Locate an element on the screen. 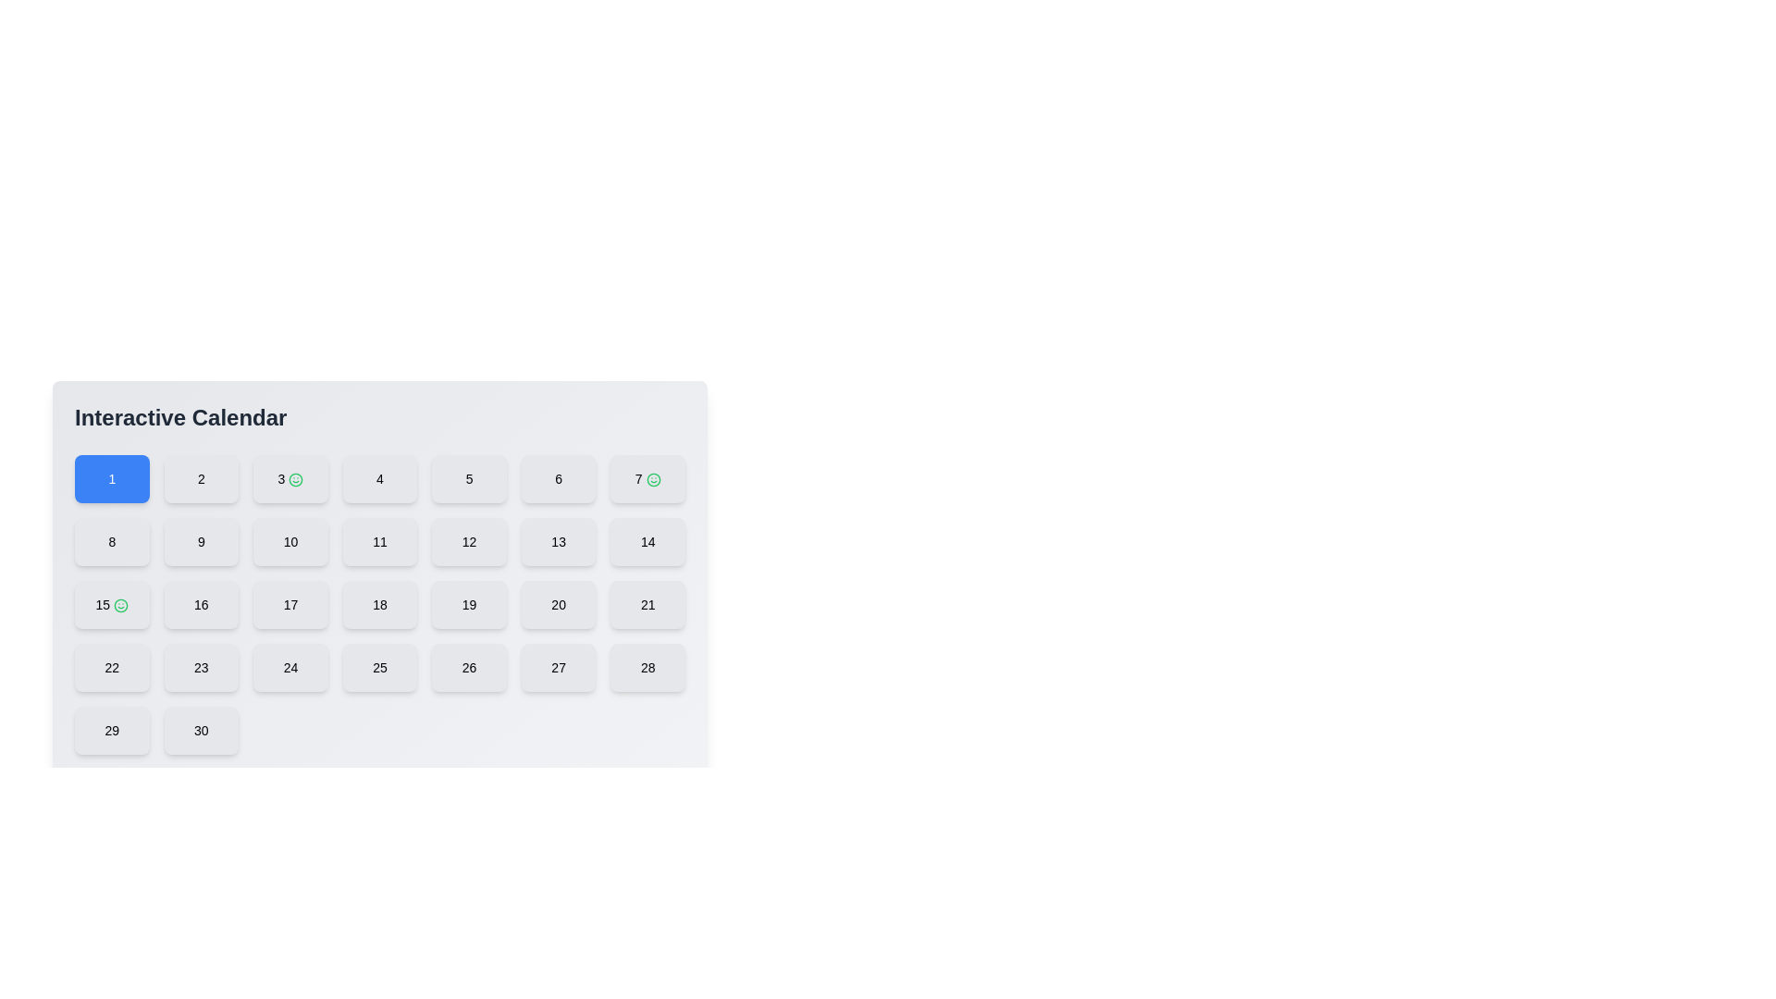  the interactive calendar day selector button for the date '3' is located at coordinates (290, 477).